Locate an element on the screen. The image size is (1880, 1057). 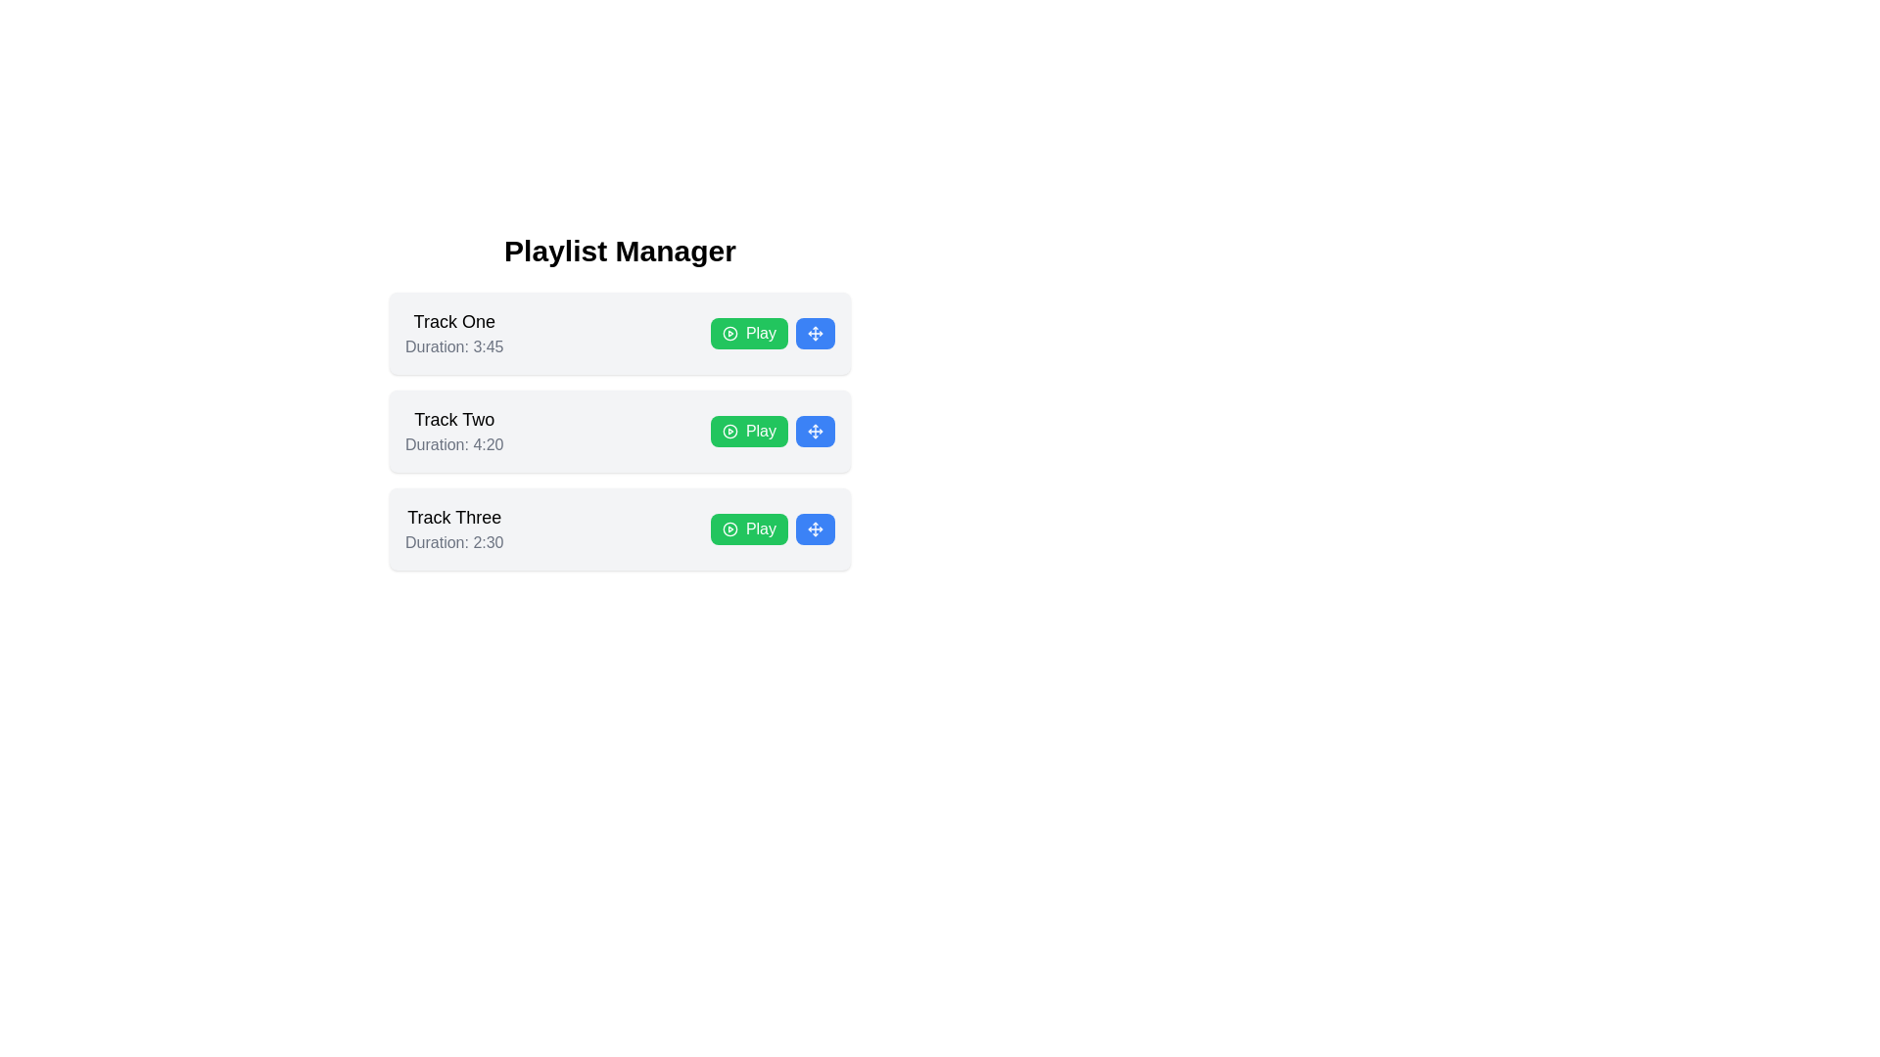
the icon button resembling four directional arrows, located beside the 'Play' button for 'Track Two' is located at coordinates (816, 430).